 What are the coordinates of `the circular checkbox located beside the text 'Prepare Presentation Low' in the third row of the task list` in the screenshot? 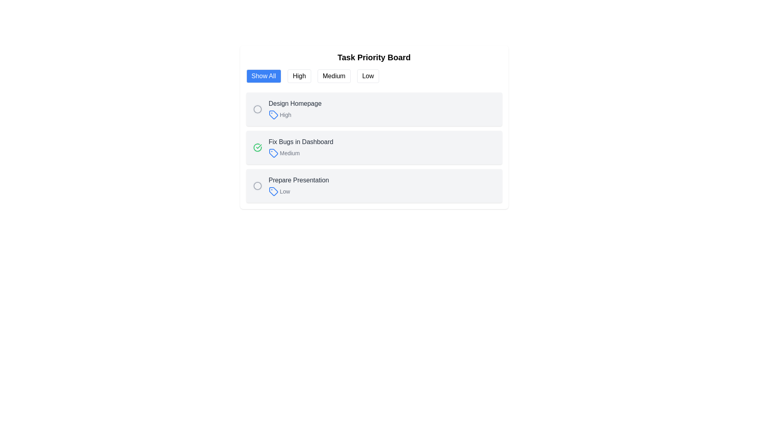 It's located at (257, 186).